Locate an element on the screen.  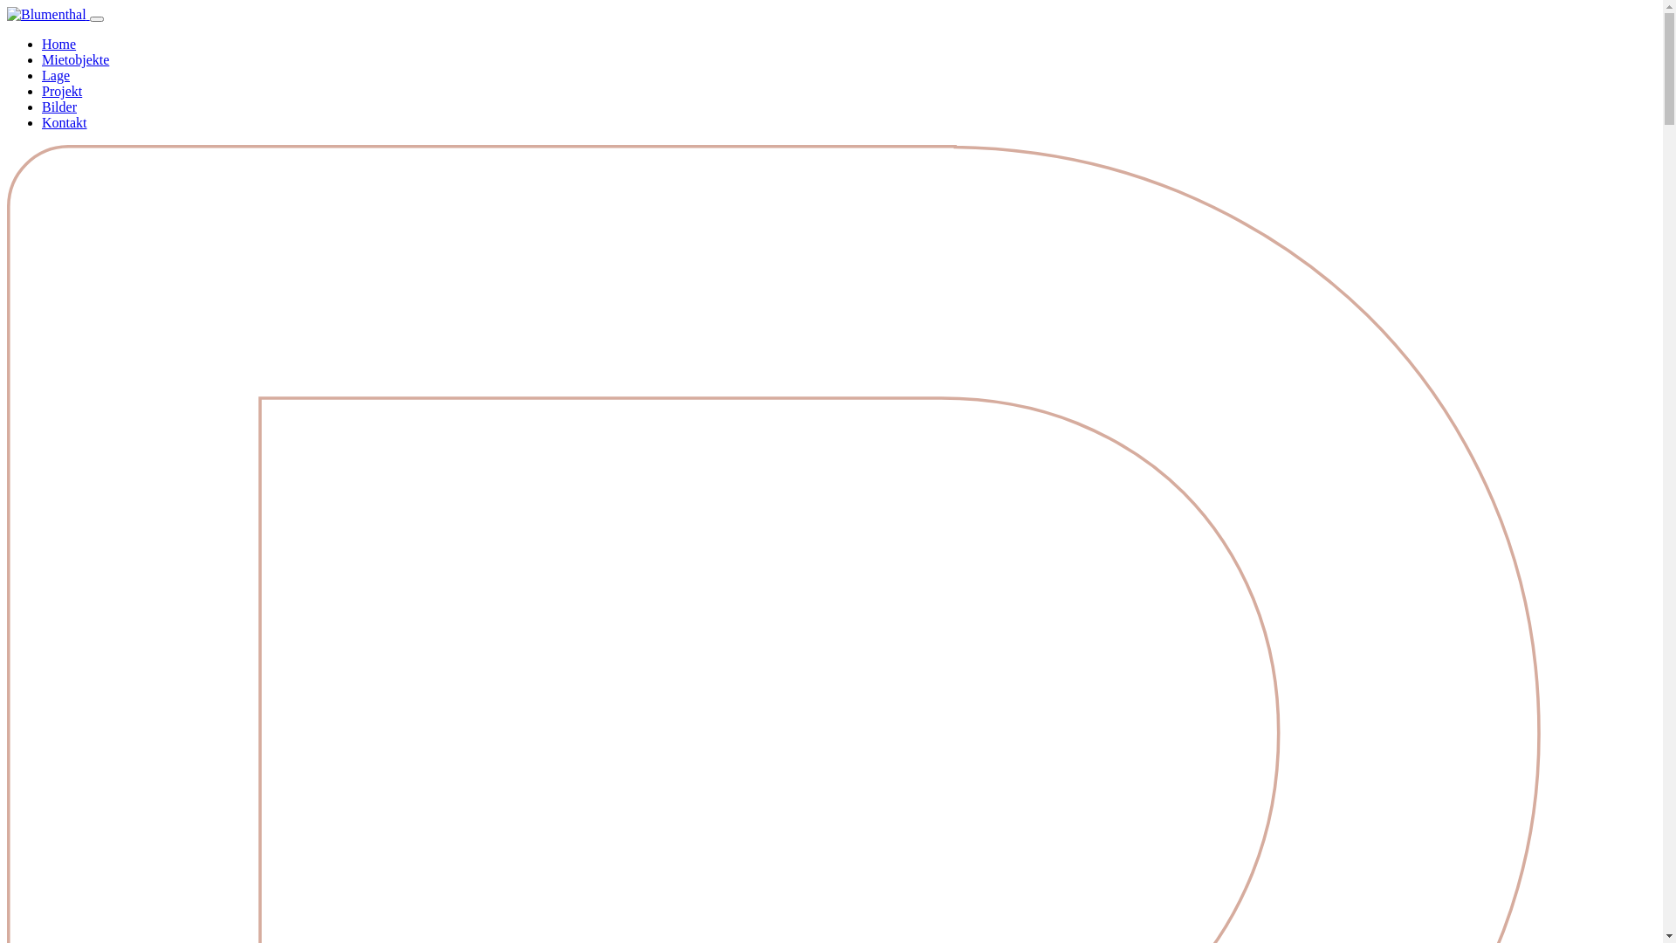
'Mietobjekte' is located at coordinates (74, 59).